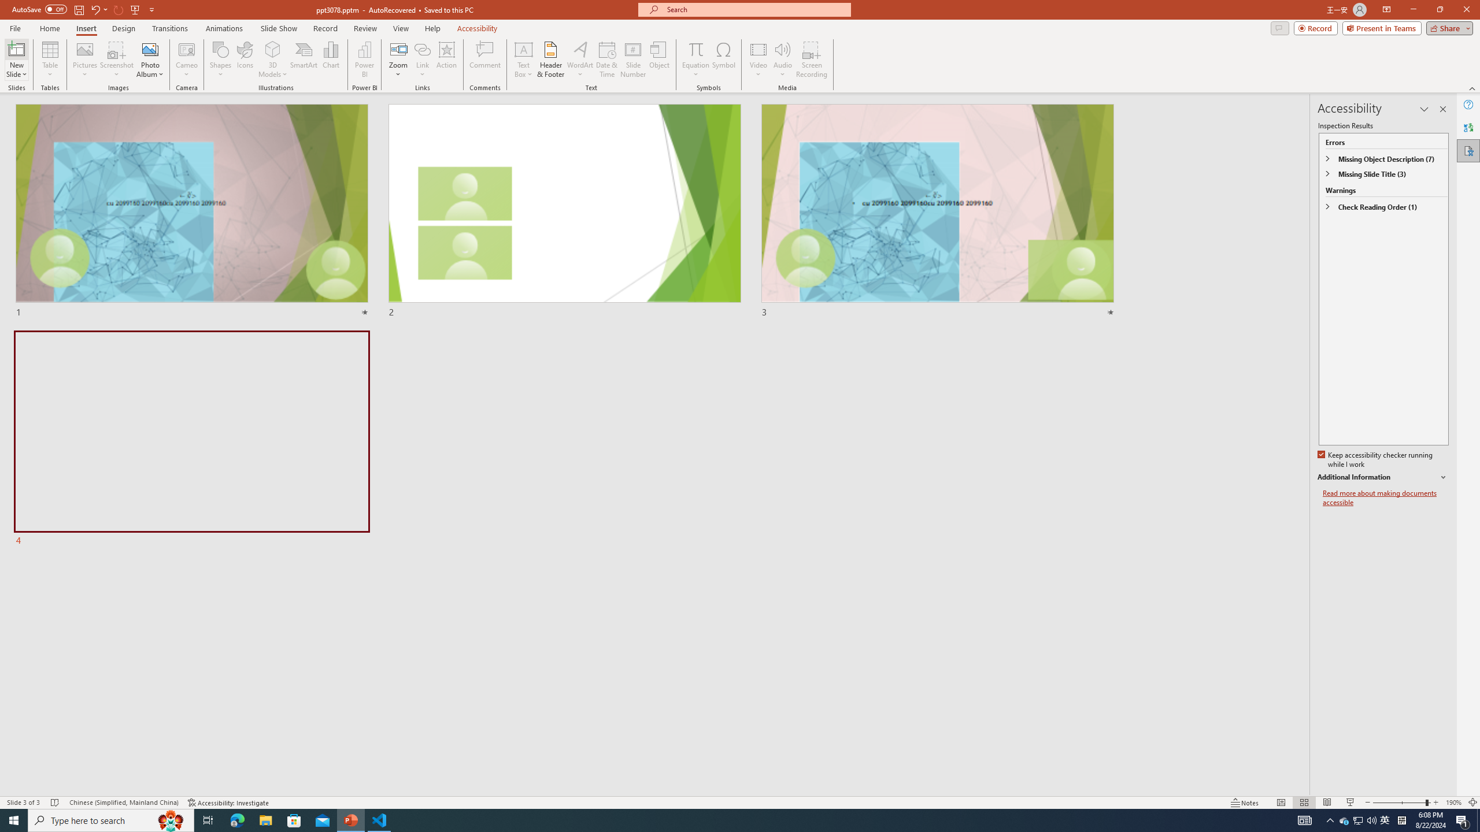  What do you see at coordinates (273, 49) in the screenshot?
I see `'3D Models'` at bounding box center [273, 49].